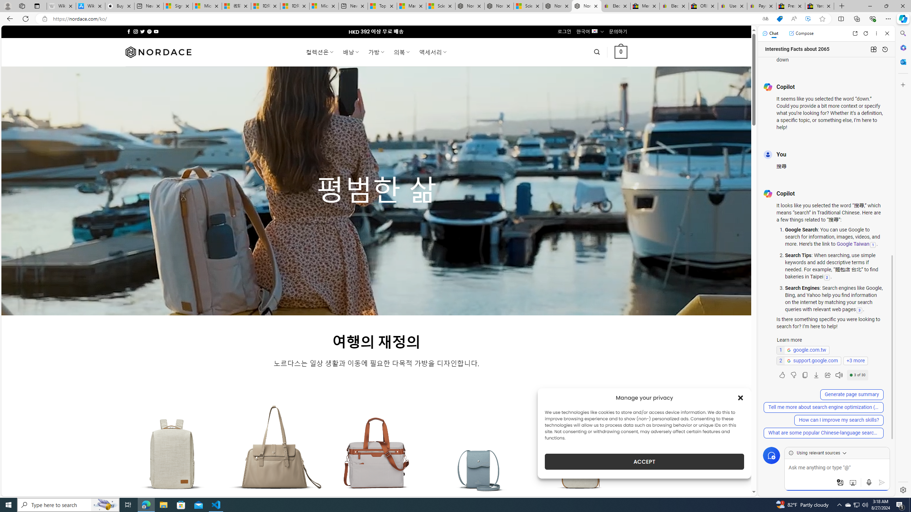 Image resolution: width=911 pixels, height=512 pixels. What do you see at coordinates (142, 31) in the screenshot?
I see `'Follow on Twitter'` at bounding box center [142, 31].